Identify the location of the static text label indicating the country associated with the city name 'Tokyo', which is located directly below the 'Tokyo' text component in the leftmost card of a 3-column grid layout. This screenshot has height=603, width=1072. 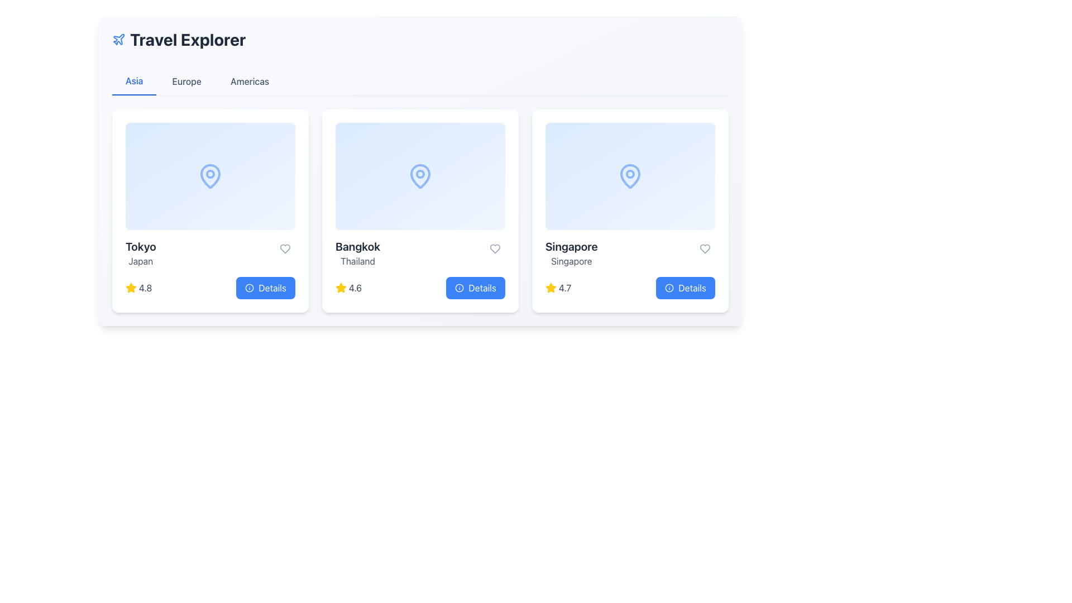
(140, 261).